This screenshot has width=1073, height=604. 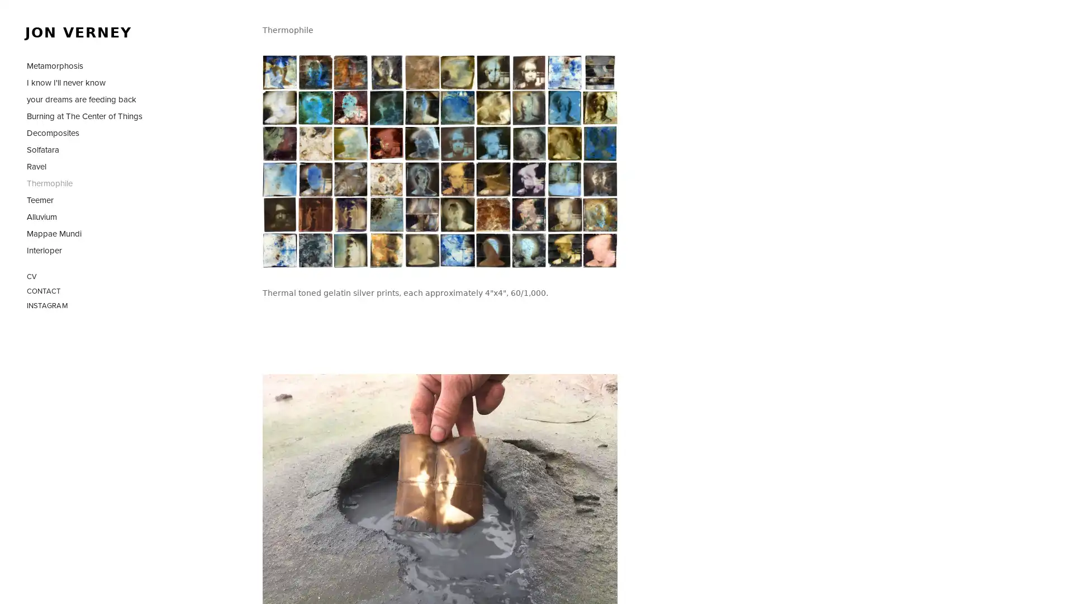 I want to click on View fullsize jon_verney_thermophile_49.jpg, so click(x=314, y=249).